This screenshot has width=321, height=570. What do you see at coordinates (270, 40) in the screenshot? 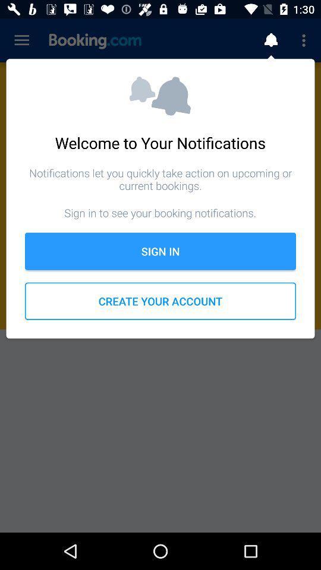
I see `the bell option` at bounding box center [270, 40].